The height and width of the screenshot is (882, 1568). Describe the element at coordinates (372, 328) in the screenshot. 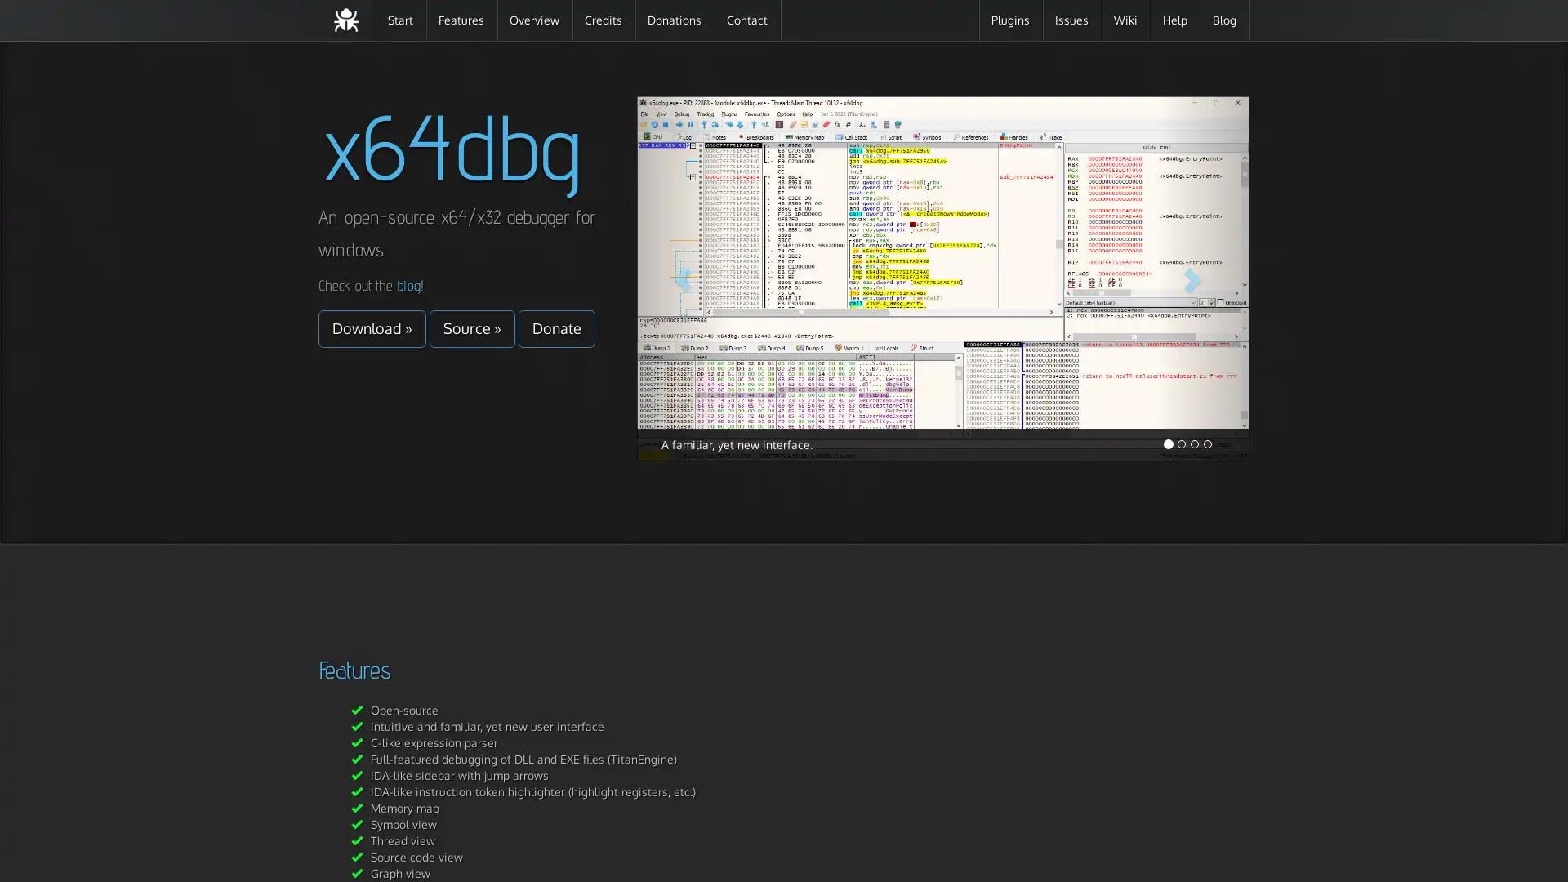

I see `Download` at that location.